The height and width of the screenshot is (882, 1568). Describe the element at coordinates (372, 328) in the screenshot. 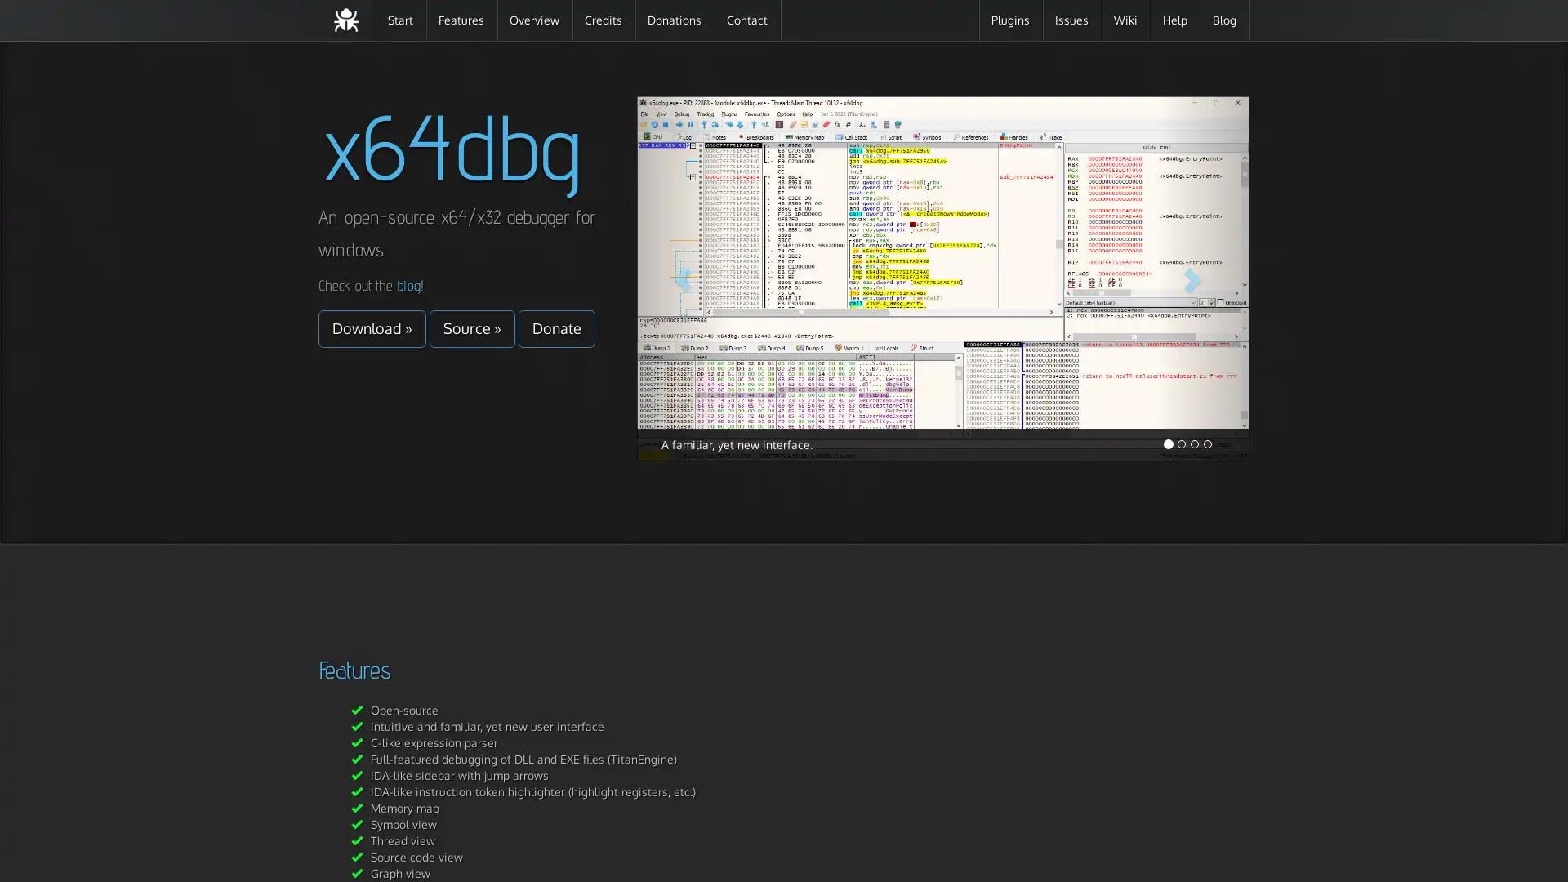

I see `Download` at that location.